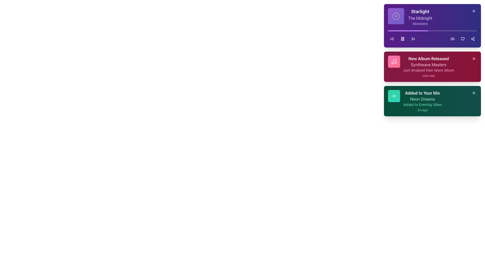 This screenshot has height=273, width=485. What do you see at coordinates (413, 31) in the screenshot?
I see `the progress bar` at bounding box center [413, 31].